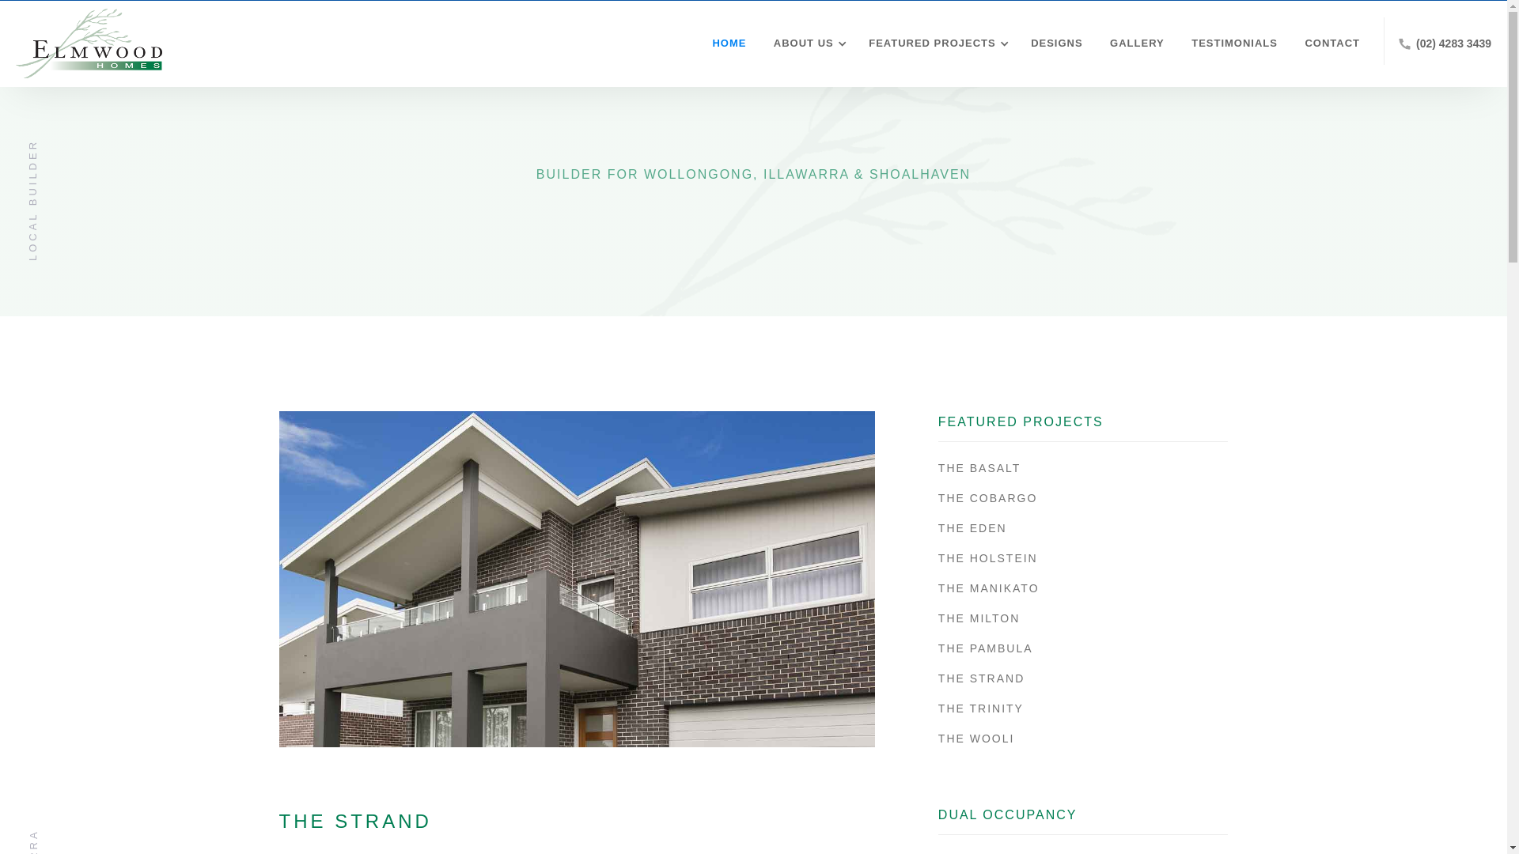 The width and height of the screenshot is (1519, 854). I want to click on 'TESTIMONIALS', so click(1229, 42).